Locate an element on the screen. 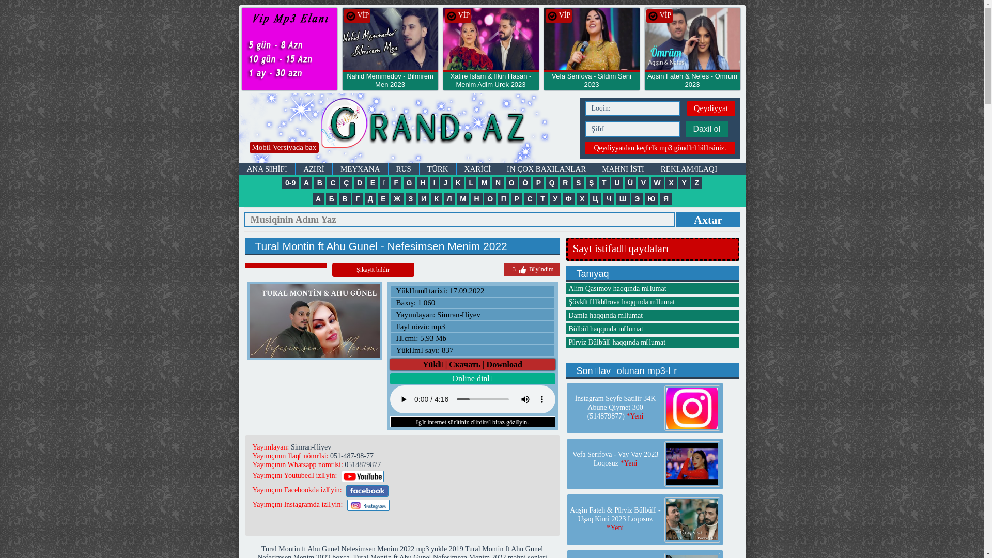  'Vefa Serifova - Sildim Seni 2023 is located at coordinates (591, 84).